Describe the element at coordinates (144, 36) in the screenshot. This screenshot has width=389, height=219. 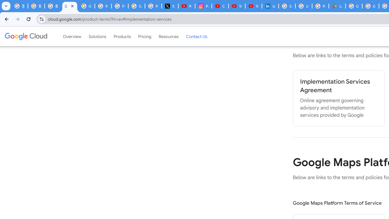
I see `'Pricing'` at that location.